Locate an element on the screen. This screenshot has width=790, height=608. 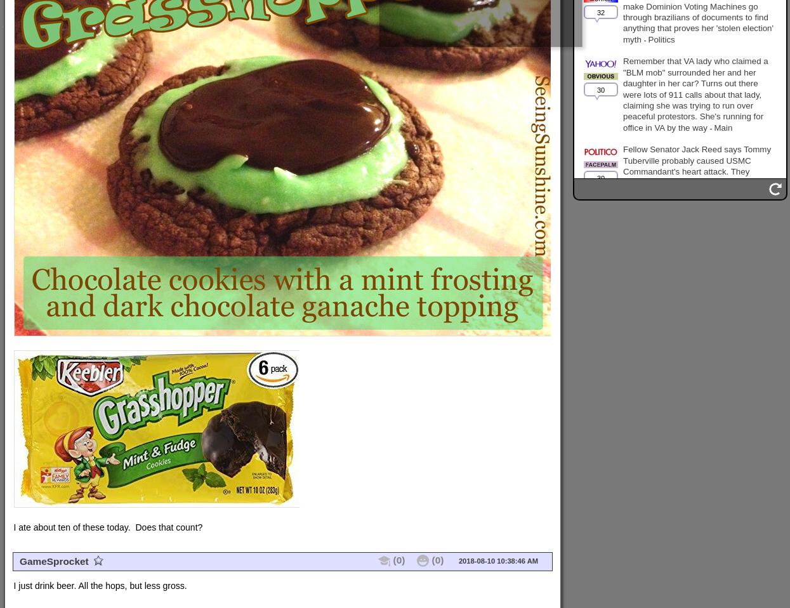
'I just drink beer. All the hops, but less gross.' is located at coordinates (100, 586).